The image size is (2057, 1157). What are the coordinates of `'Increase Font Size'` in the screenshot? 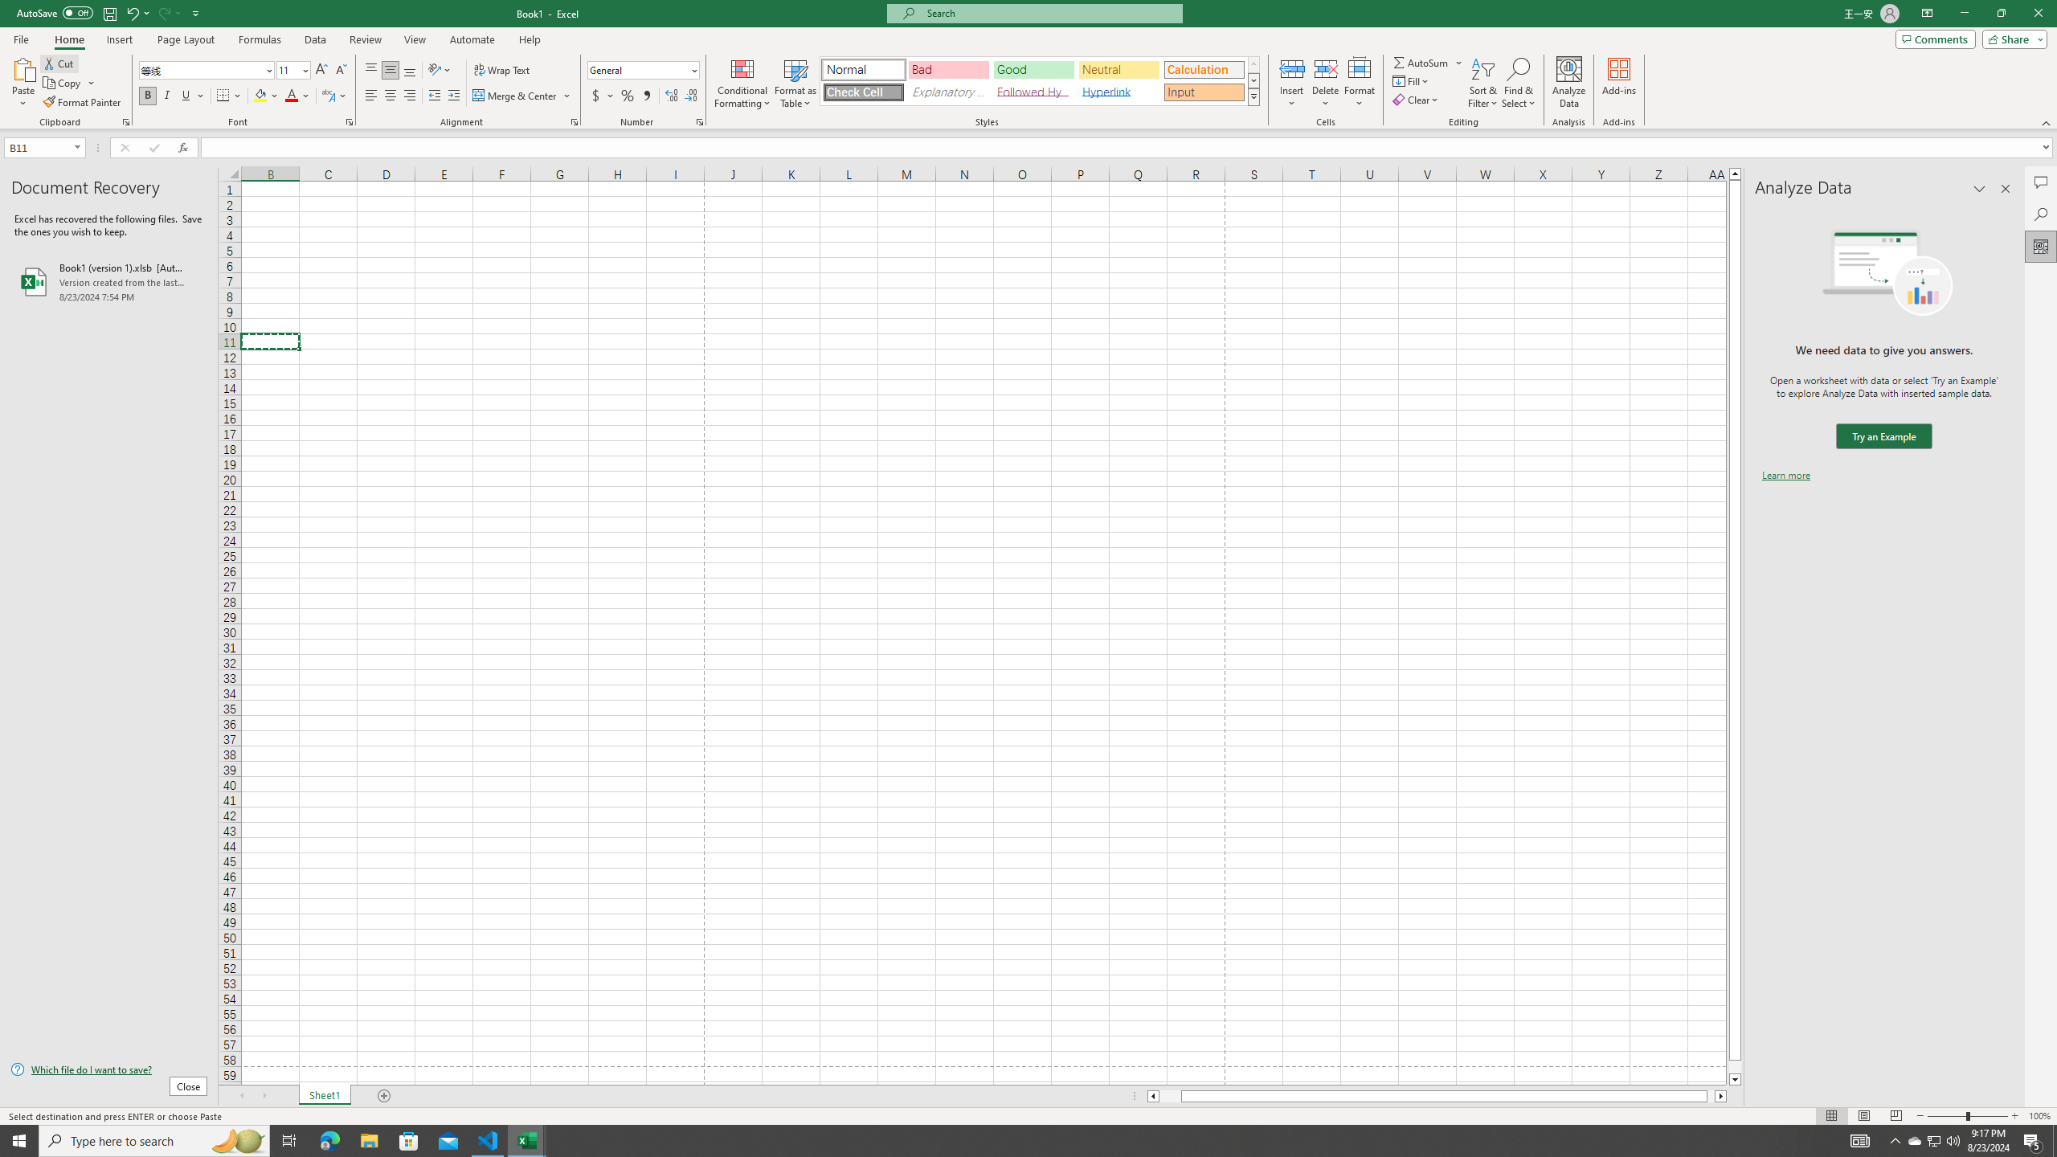 It's located at (321, 70).